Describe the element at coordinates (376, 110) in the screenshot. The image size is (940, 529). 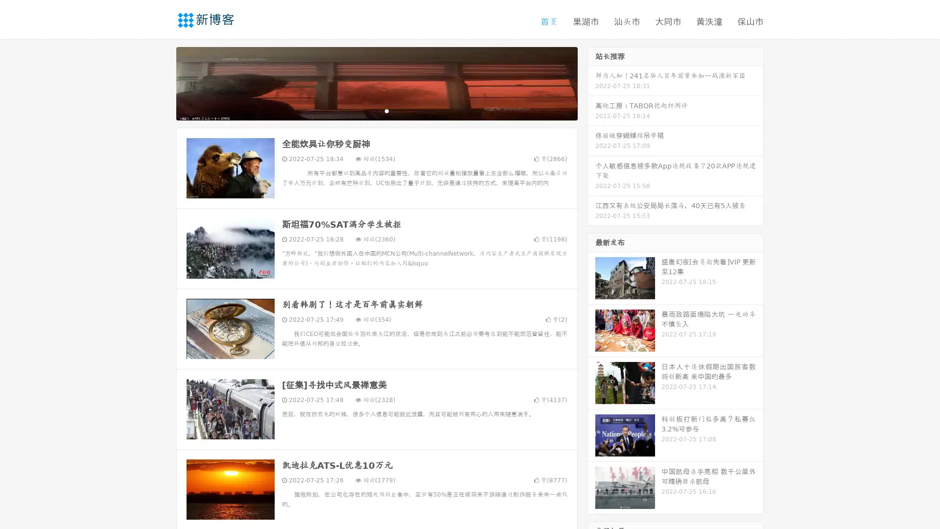
I see `Go to slide 2` at that location.